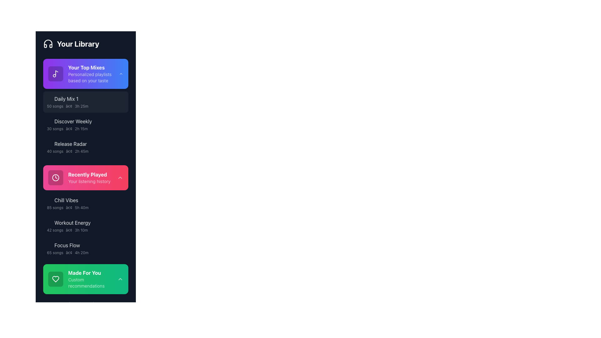  What do you see at coordinates (89, 175) in the screenshot?
I see `title text element related to 'Recently Played', positioned in the middle section of a vertical menu, above 'Your listening history' and below 'Release Radar'` at bounding box center [89, 175].